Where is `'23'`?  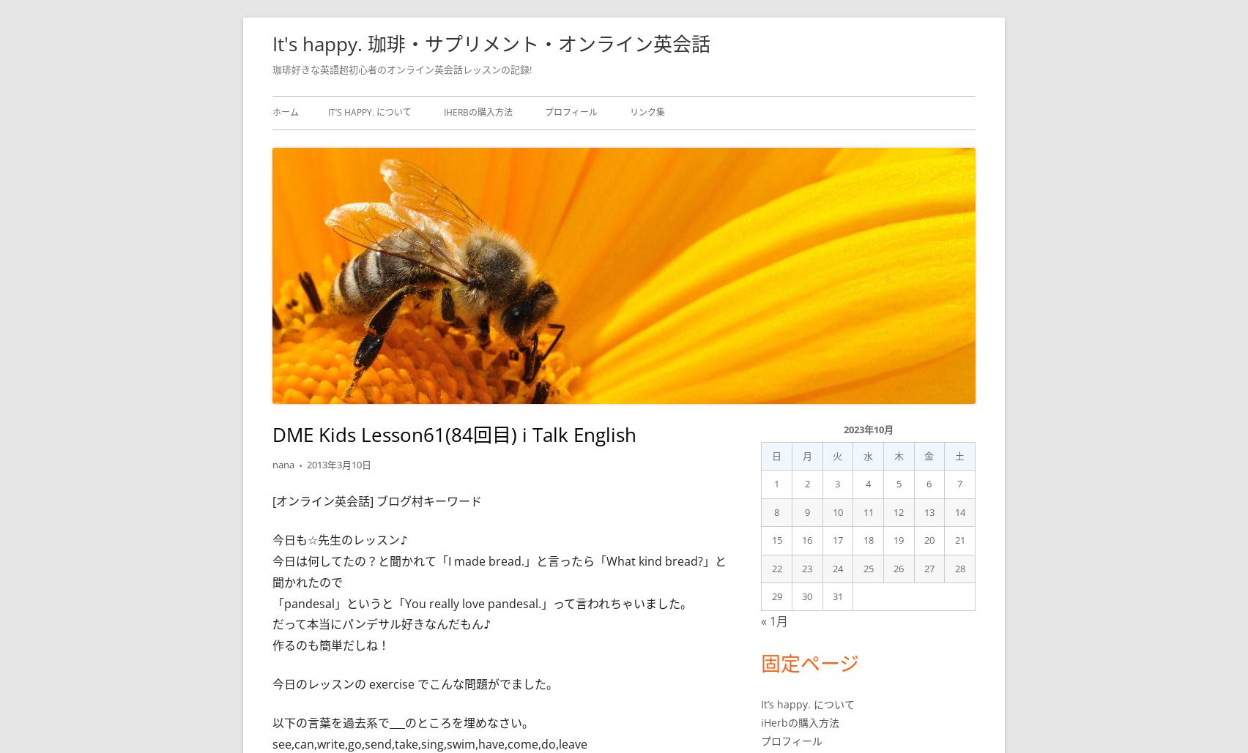
'23' is located at coordinates (806, 567).